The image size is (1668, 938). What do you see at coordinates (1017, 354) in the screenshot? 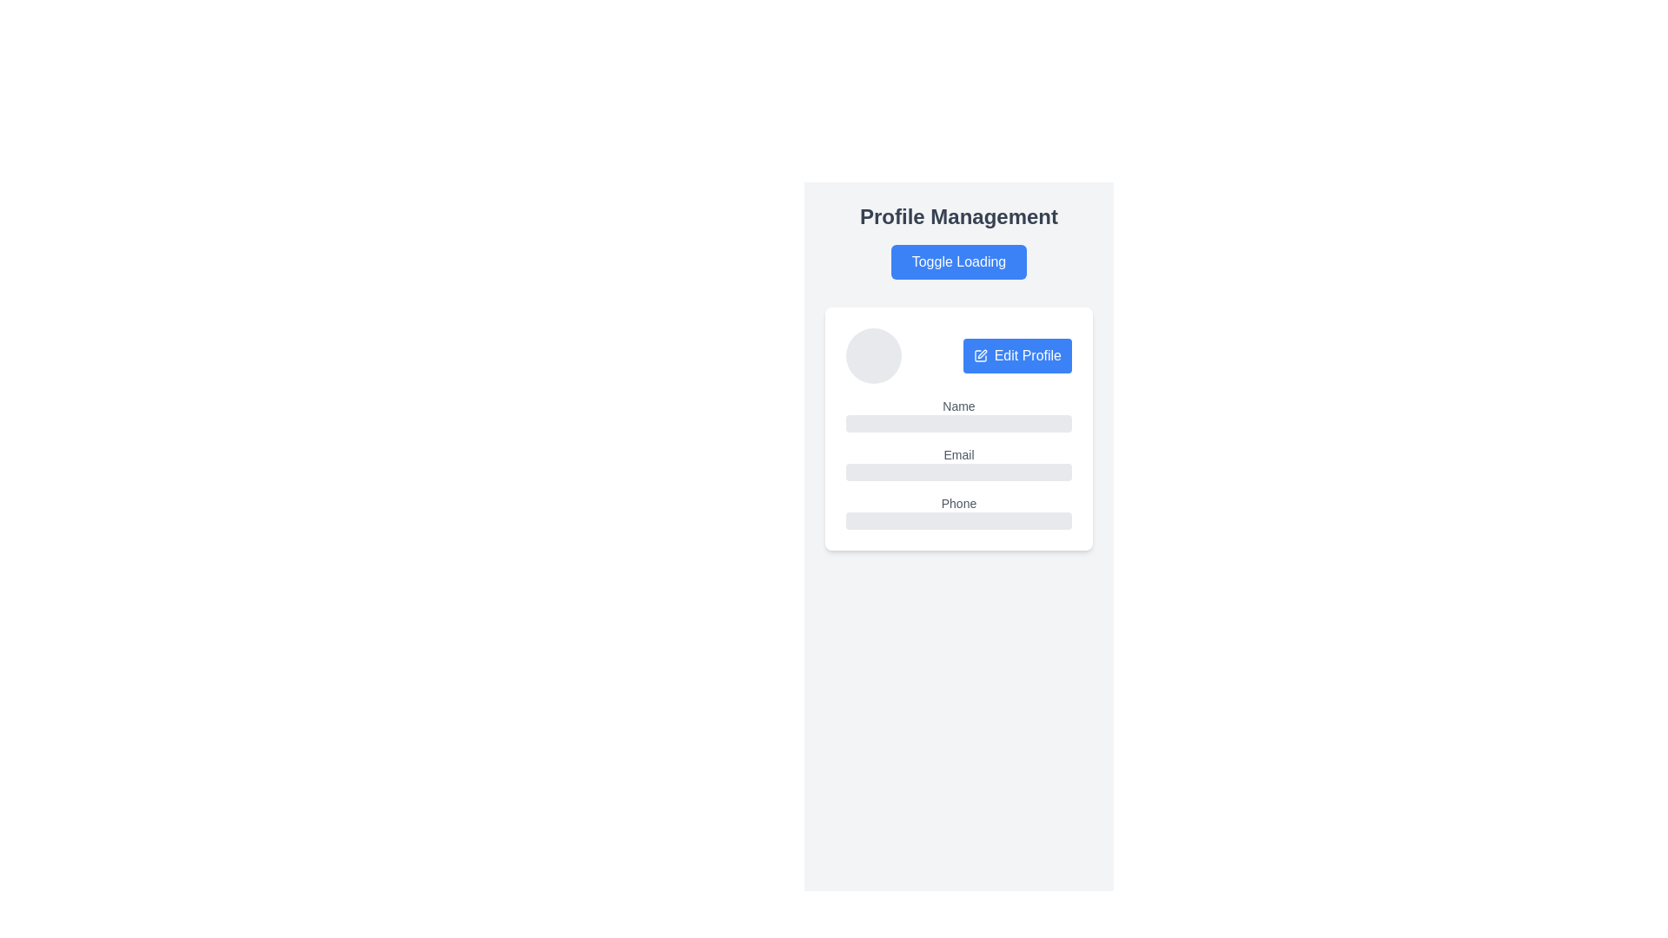
I see `the 'Edit Profile' button with a blue background and white text, located in the right side of the 'Profile Management' pane` at bounding box center [1017, 354].